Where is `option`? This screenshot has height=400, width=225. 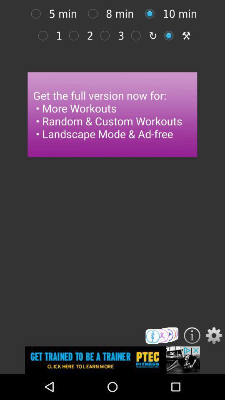
option is located at coordinates (37, 13).